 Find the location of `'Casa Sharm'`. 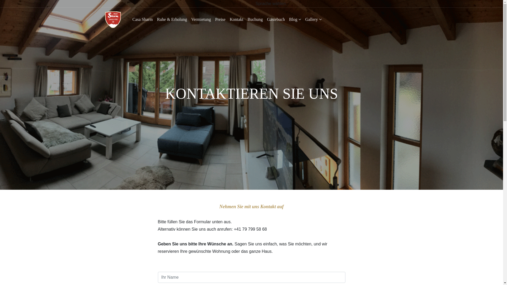

'Casa Sharm' is located at coordinates (143, 19).